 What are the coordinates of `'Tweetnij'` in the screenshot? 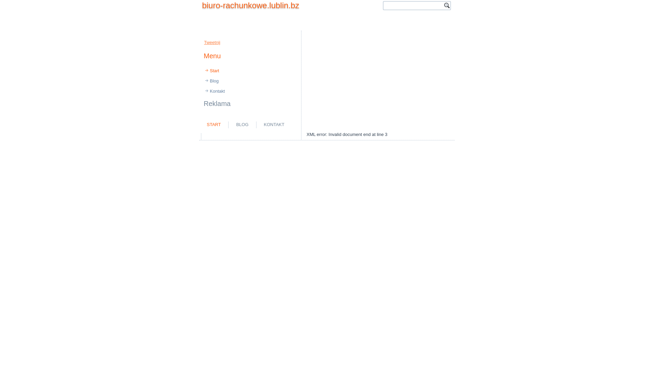 It's located at (212, 42).